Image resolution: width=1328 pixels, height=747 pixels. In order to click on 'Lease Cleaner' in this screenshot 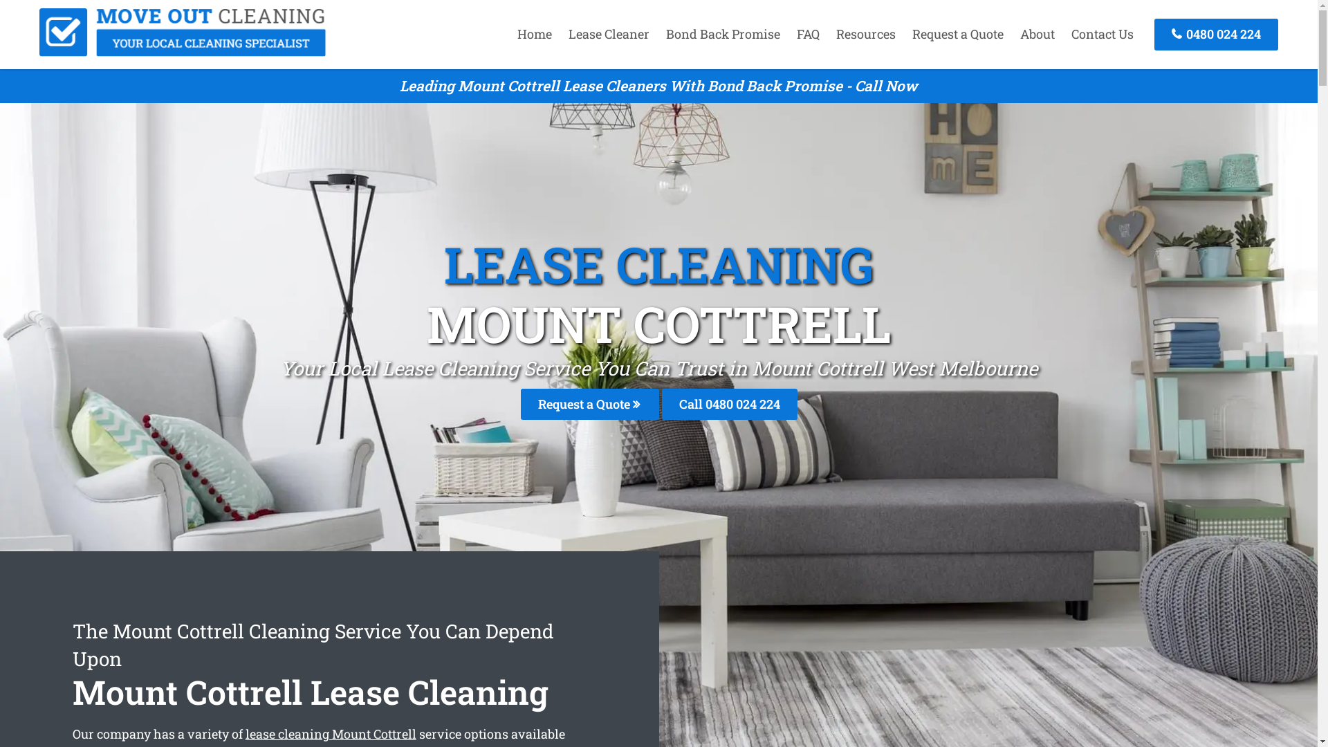, I will do `click(609, 33)`.